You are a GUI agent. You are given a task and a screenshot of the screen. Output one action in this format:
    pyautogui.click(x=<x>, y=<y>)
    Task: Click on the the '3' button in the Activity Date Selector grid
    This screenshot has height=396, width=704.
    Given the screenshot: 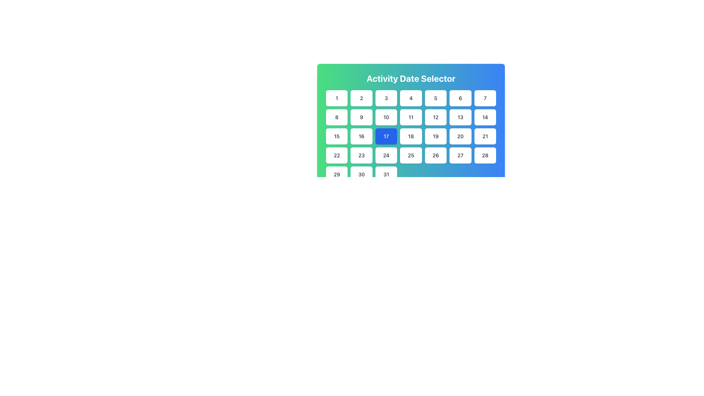 What is the action you would take?
    pyautogui.click(x=386, y=98)
    